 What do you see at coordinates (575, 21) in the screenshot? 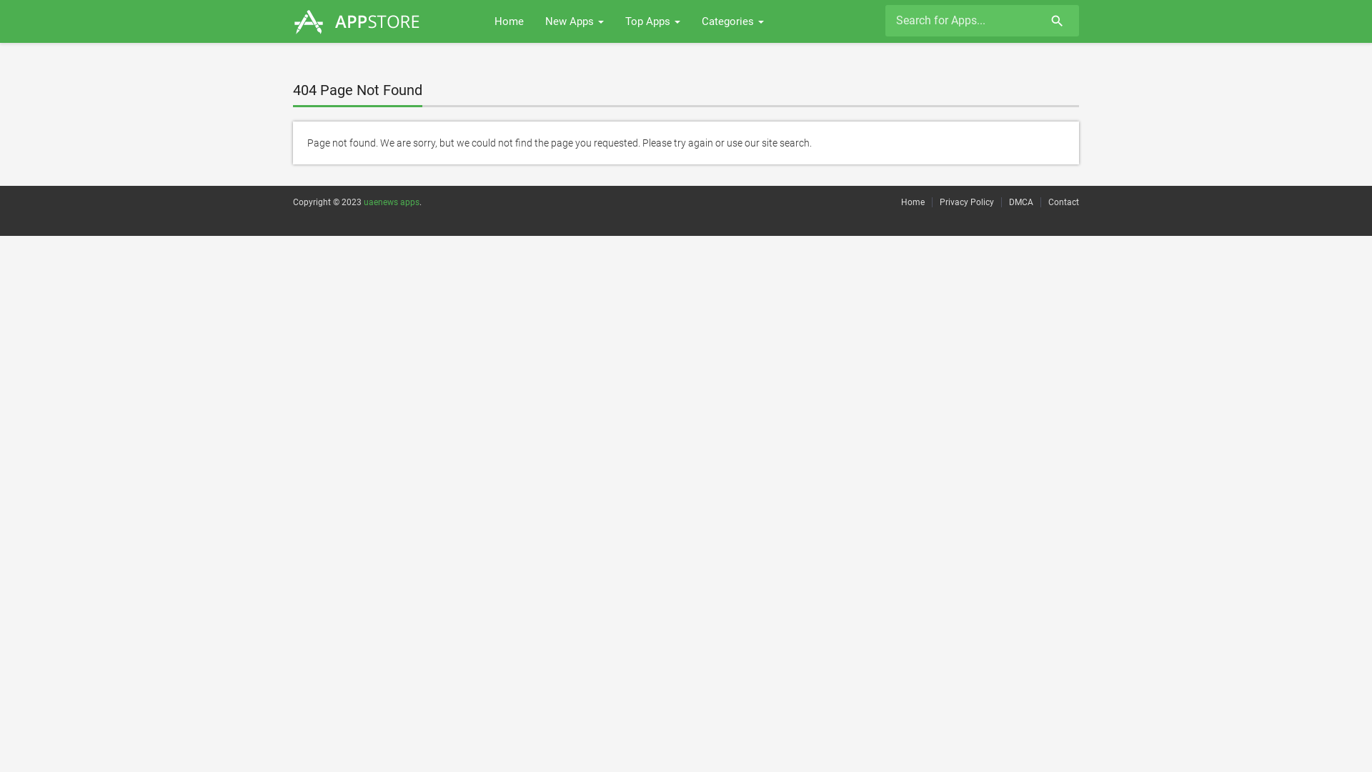
I see `'New Apps'` at bounding box center [575, 21].